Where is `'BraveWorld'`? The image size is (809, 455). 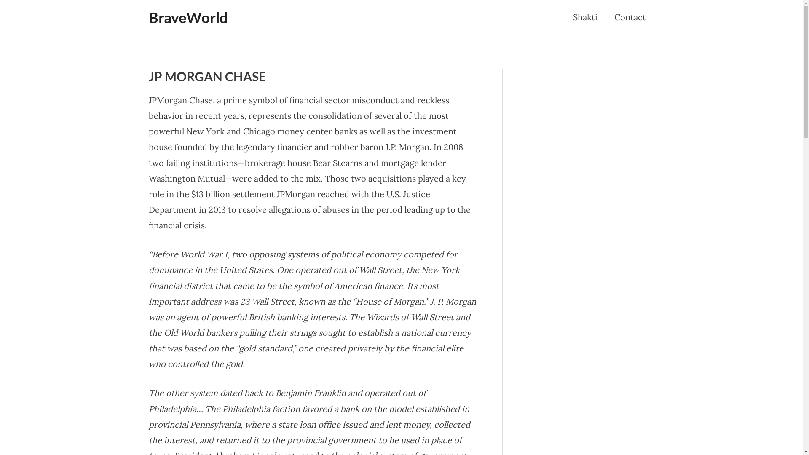 'BraveWorld' is located at coordinates (188, 17).